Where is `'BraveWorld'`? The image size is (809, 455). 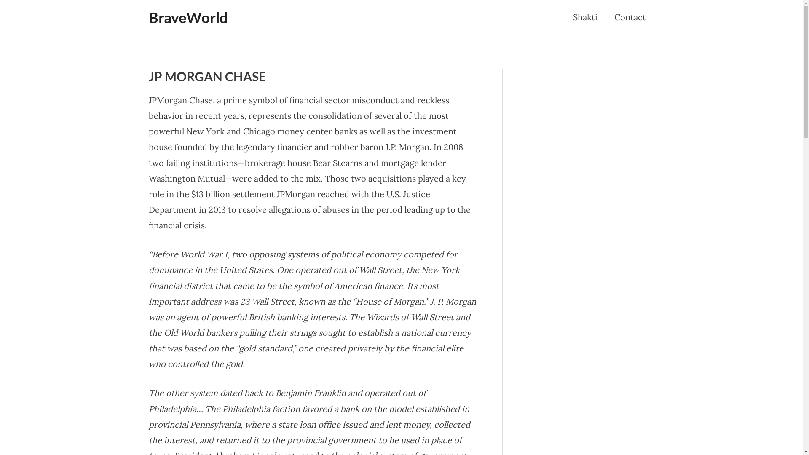 'BraveWorld' is located at coordinates (188, 17).